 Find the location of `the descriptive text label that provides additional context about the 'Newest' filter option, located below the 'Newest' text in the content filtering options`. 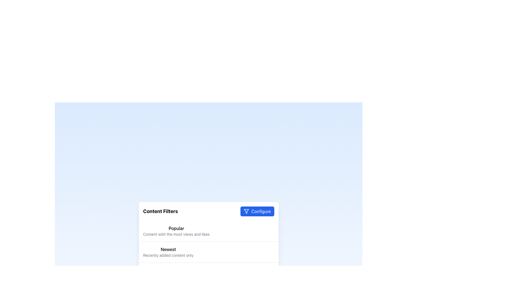

the descriptive text label that provides additional context about the 'Newest' filter option, located below the 'Newest' text in the content filtering options is located at coordinates (168, 255).